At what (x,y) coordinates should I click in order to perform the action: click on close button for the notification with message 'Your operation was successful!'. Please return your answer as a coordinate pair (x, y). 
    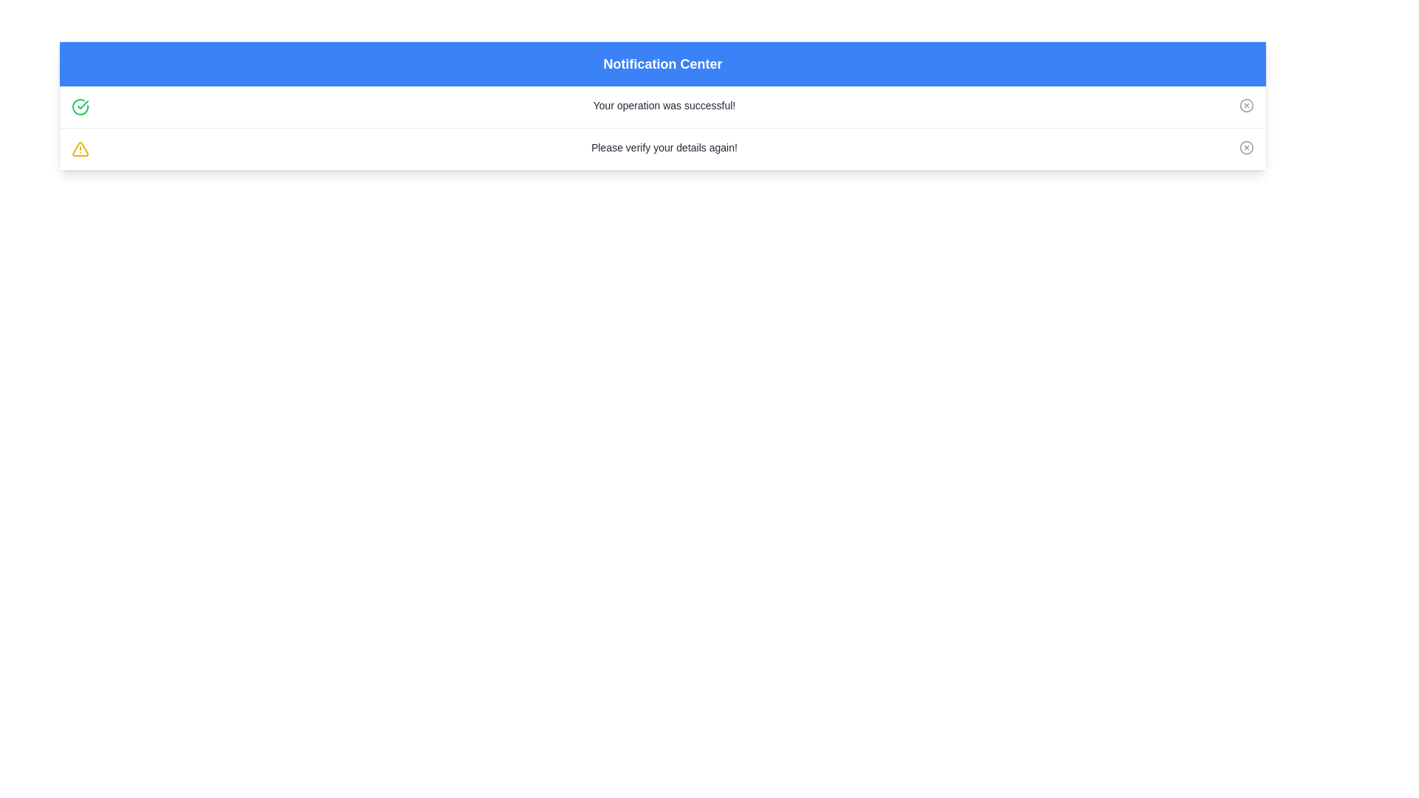
    Looking at the image, I should click on (1245, 104).